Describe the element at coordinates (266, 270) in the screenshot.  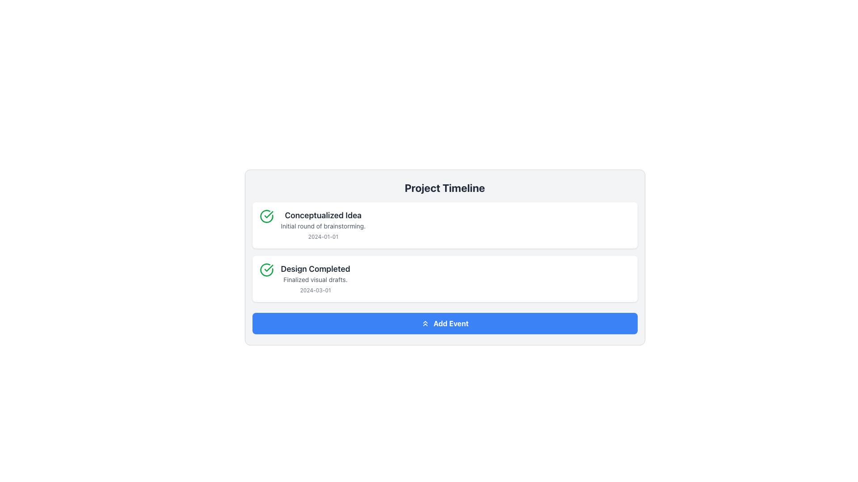
I see `the completion indicator icon for the 'Design Completed' task located in the left section of the lower card within the timeline interface` at that location.